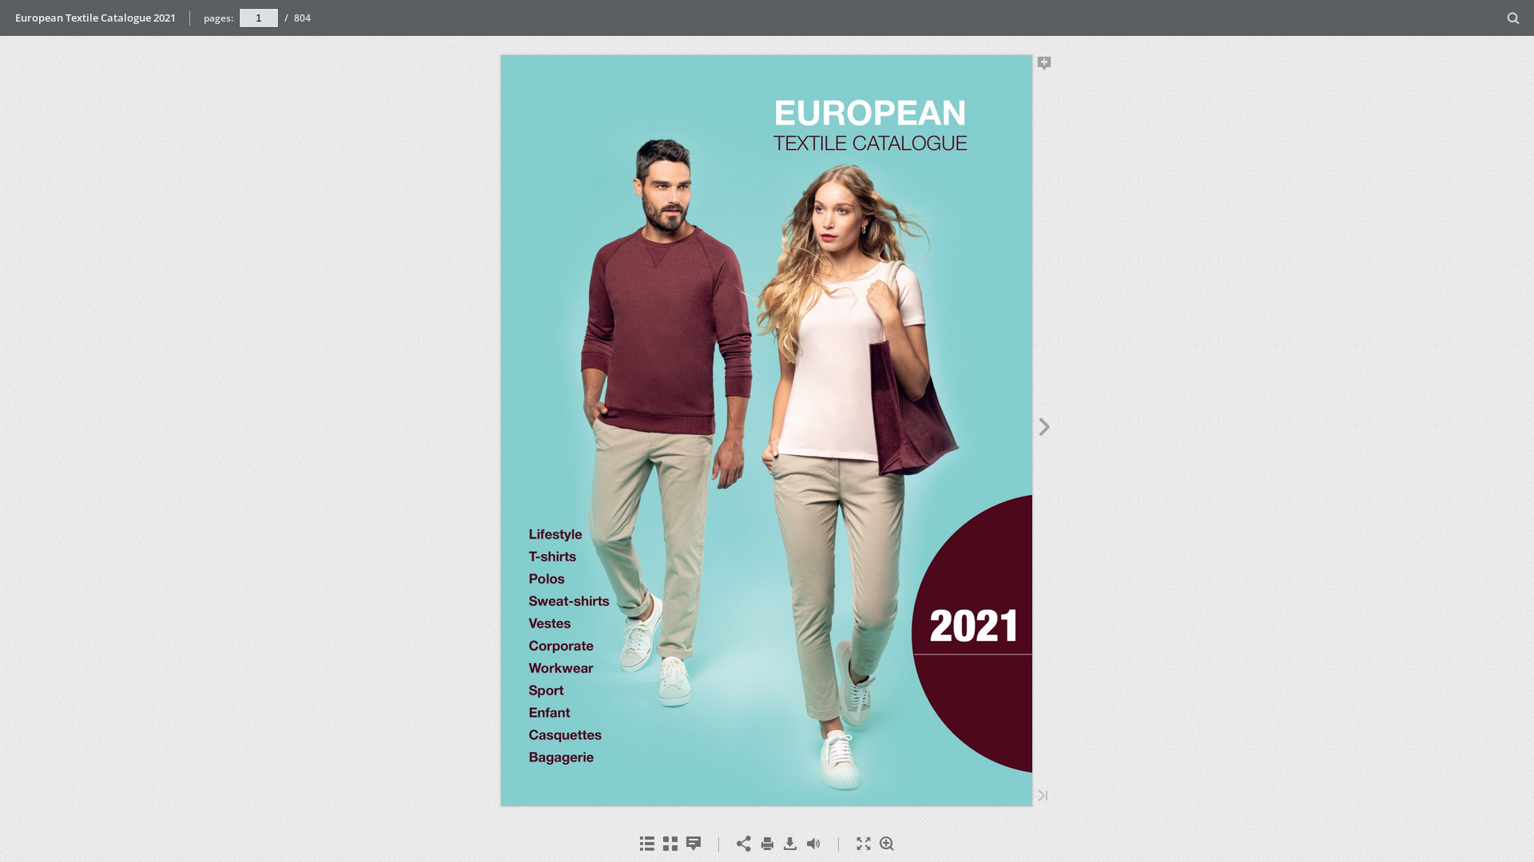 Image resolution: width=1534 pixels, height=862 pixels. I want to click on 'Table of Contents', so click(647, 843).